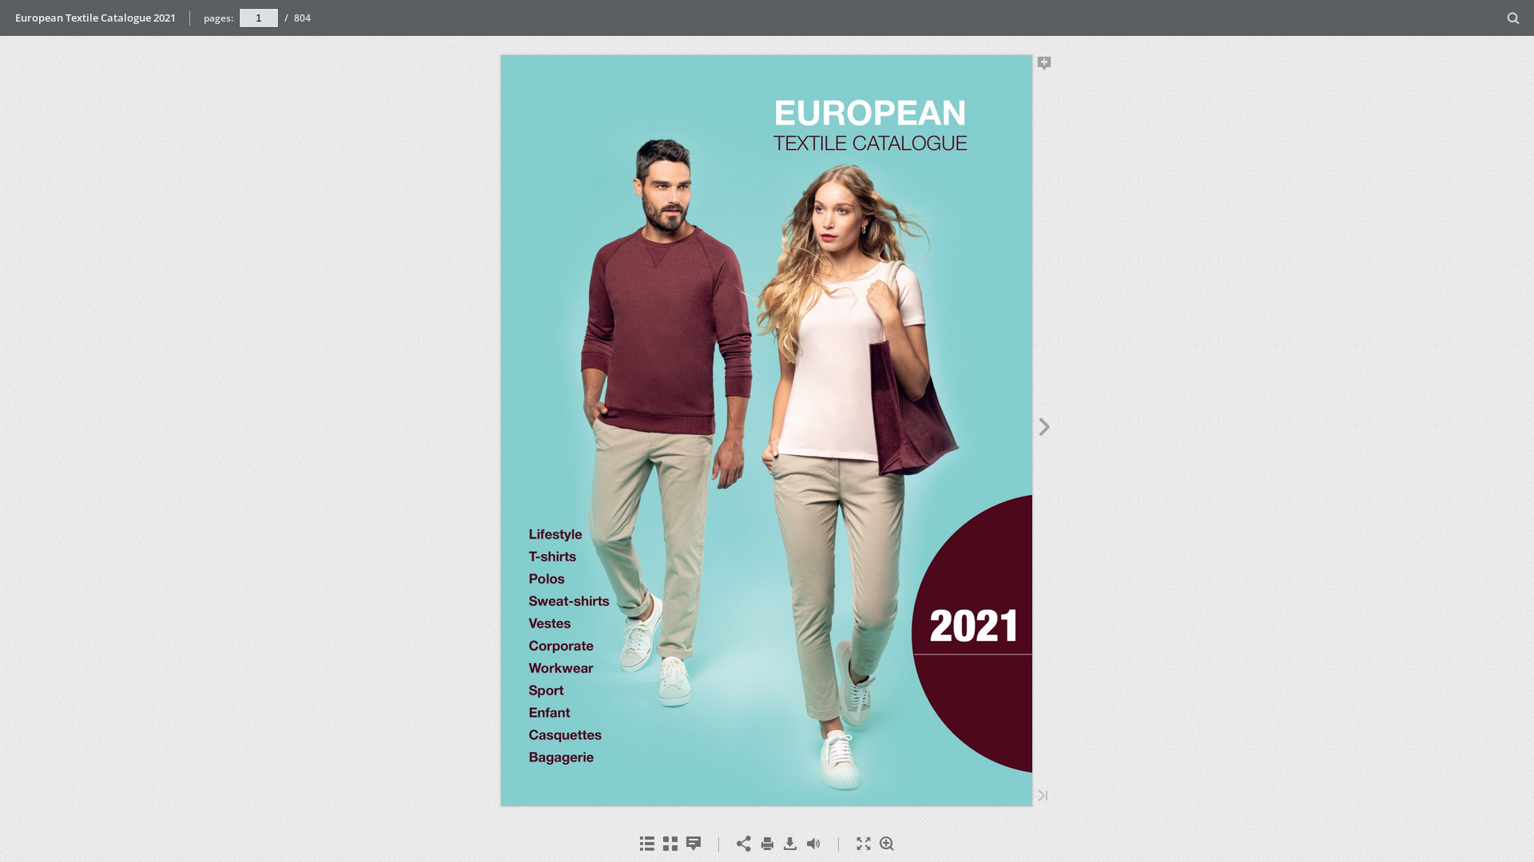 Image resolution: width=1534 pixels, height=862 pixels. I want to click on 'Table of Contents', so click(647, 843).